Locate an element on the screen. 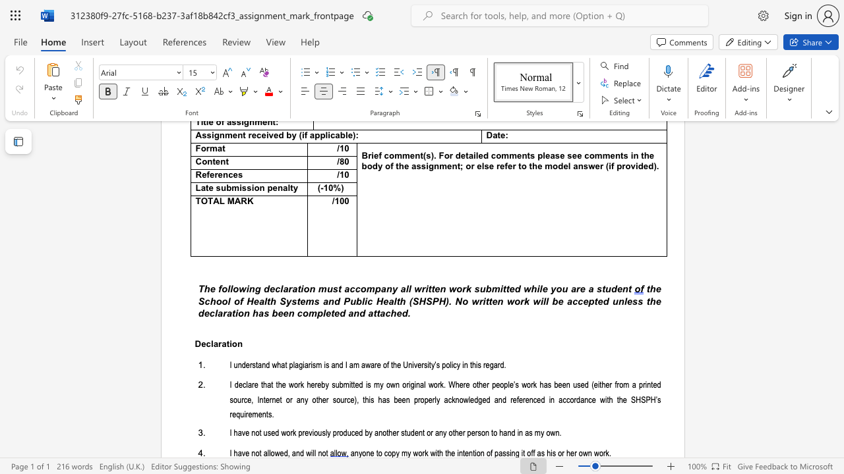 The width and height of the screenshot is (844, 474). the subset text "lic Health (SHSPH)" within the text "School of Health Systems and Public Health (SHSPH)." is located at coordinates (361, 301).